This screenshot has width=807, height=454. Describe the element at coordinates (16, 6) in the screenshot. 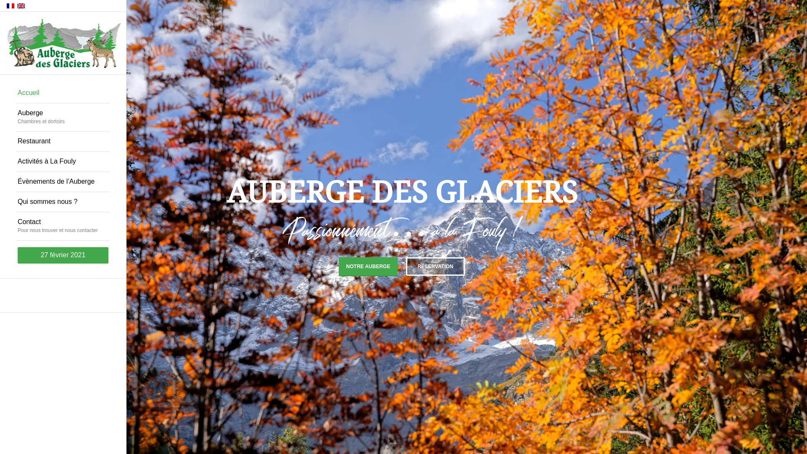

I see `'English'` at that location.